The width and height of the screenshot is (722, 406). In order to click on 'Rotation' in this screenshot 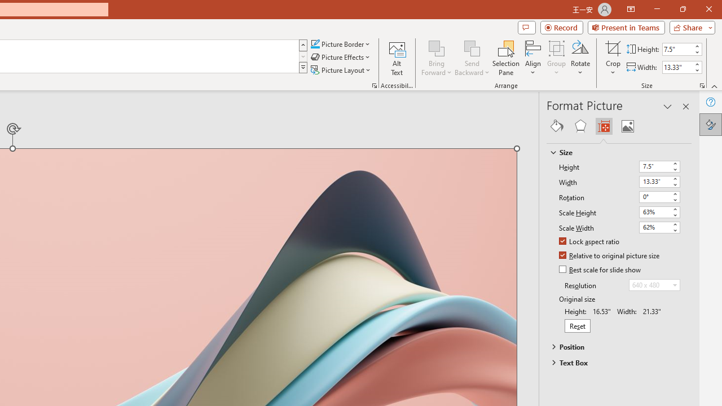, I will do `click(654, 196)`.